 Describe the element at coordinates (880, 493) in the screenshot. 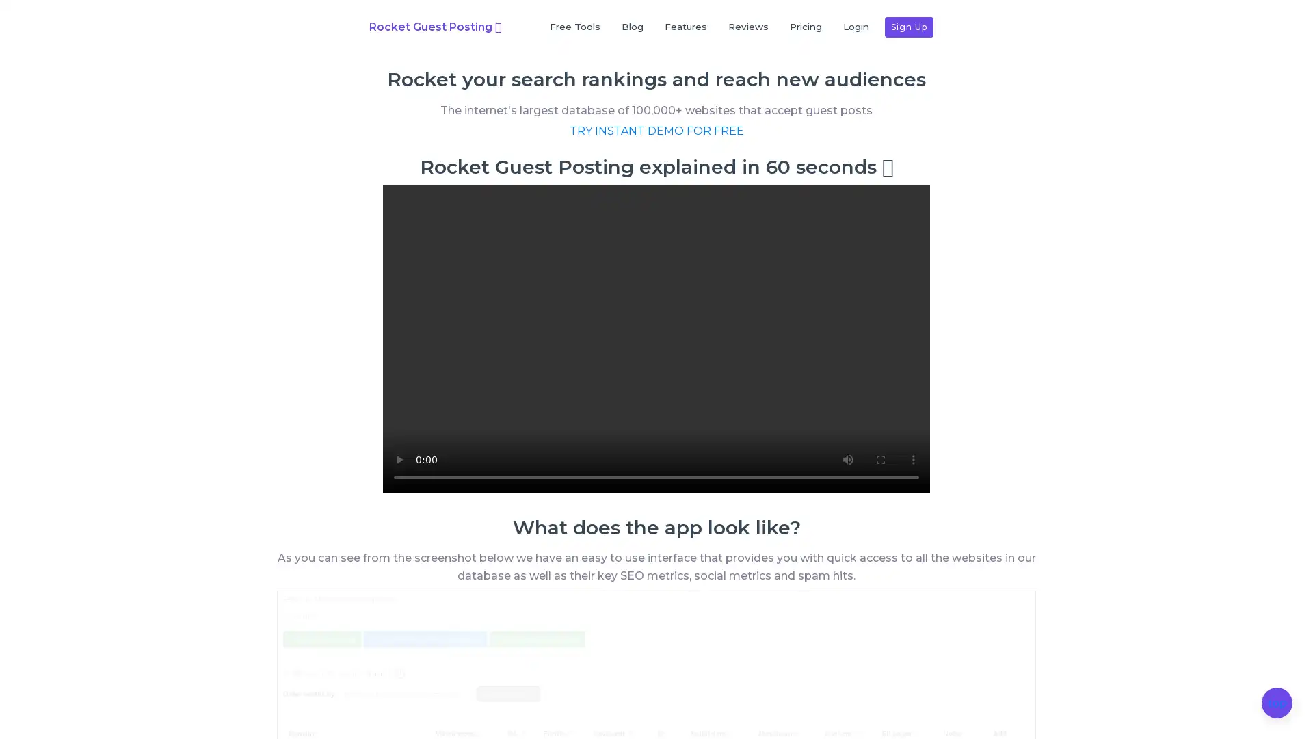

I see `enter full screen` at that location.